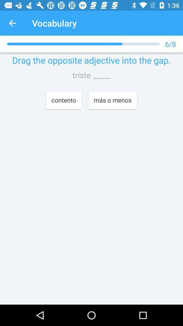 This screenshot has width=183, height=326. What do you see at coordinates (12, 23) in the screenshot?
I see `app next to the vocabulary app` at bounding box center [12, 23].